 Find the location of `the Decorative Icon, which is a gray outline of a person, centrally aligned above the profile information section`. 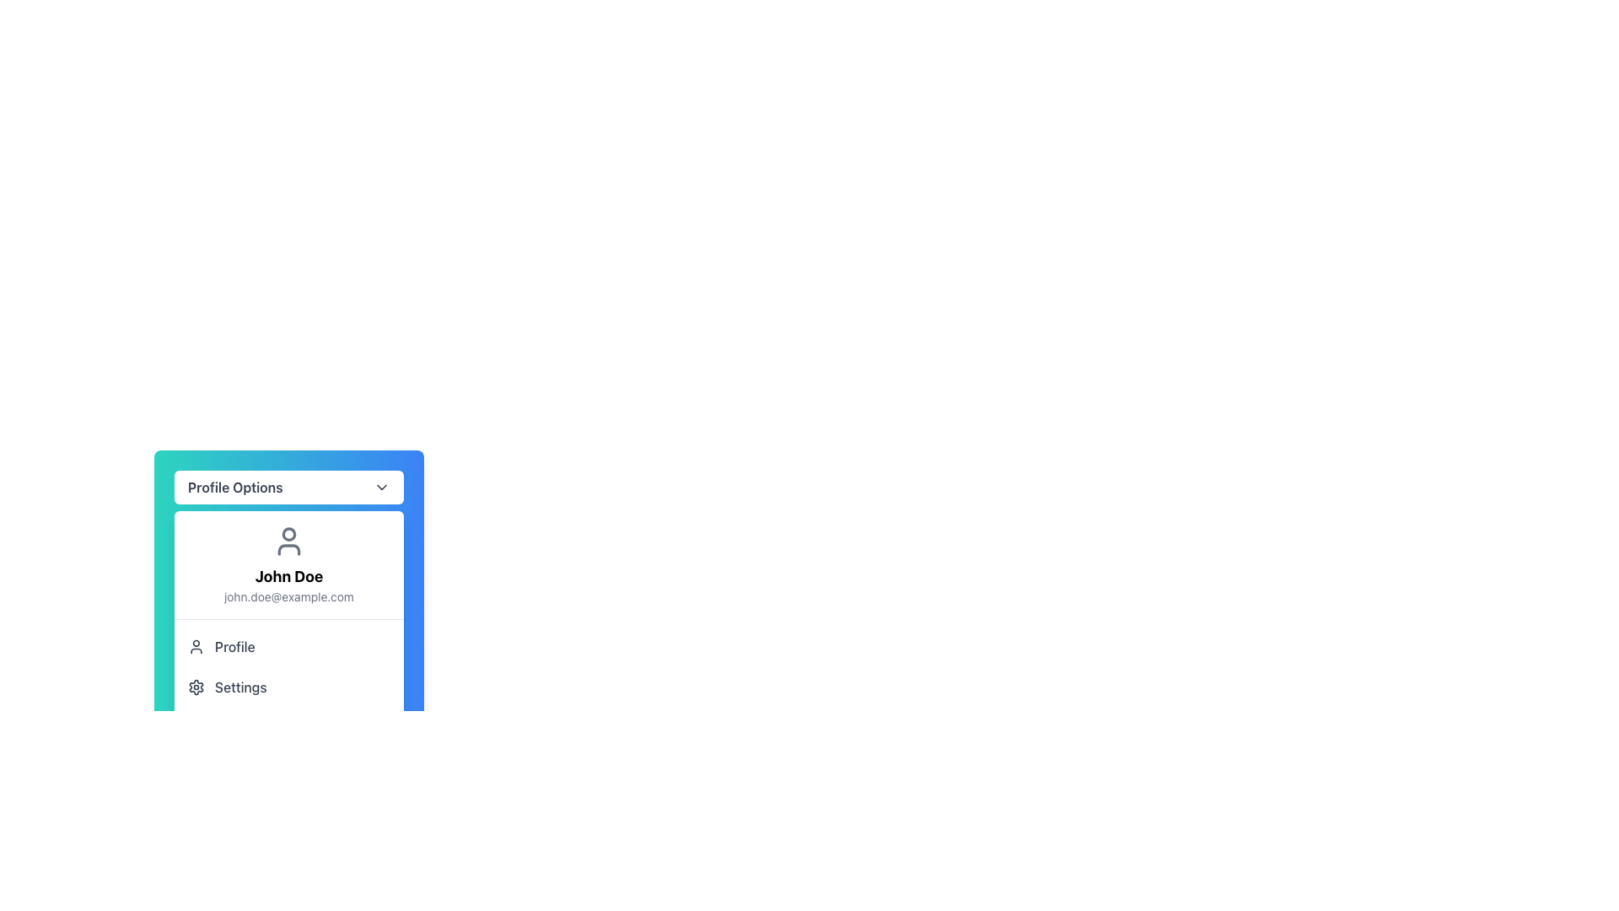

the Decorative Icon, which is a gray outline of a person, centrally aligned above the profile information section is located at coordinates (288, 541).